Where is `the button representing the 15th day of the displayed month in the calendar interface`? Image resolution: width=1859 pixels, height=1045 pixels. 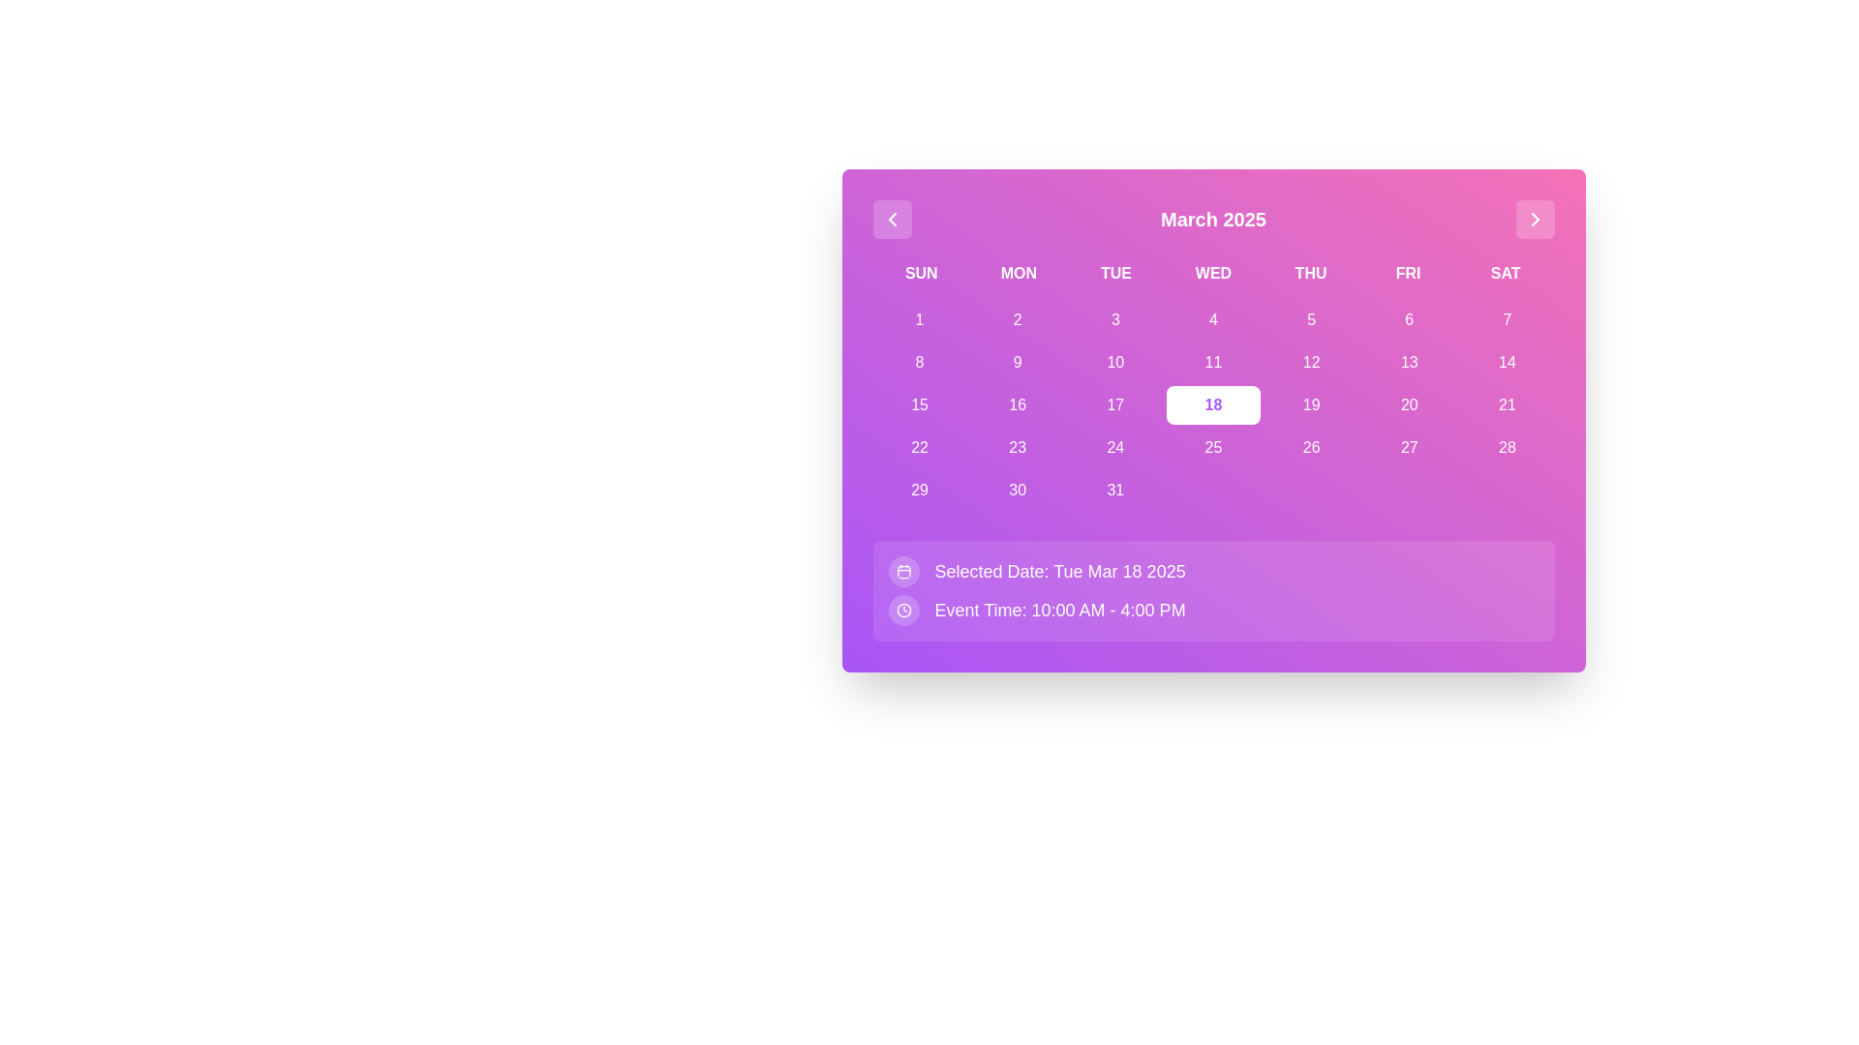 the button representing the 15th day of the displayed month in the calendar interface is located at coordinates (919, 404).